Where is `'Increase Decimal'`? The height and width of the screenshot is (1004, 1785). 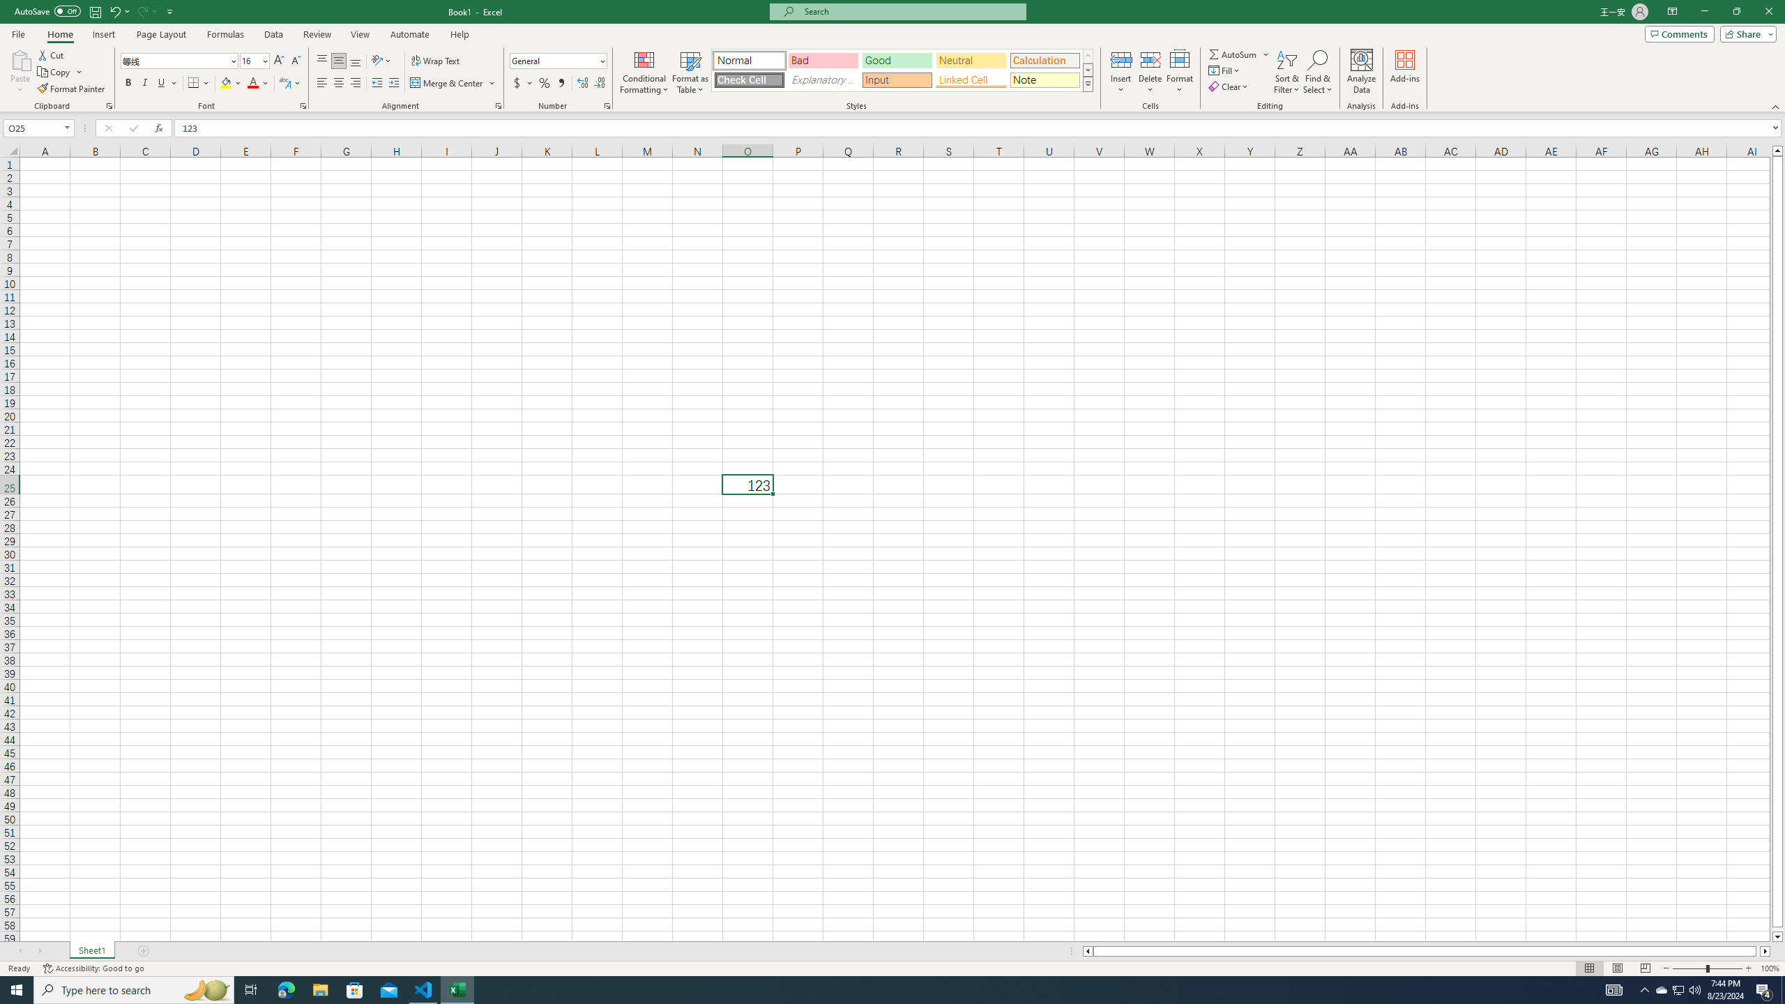
'Increase Decimal' is located at coordinates (582, 82).